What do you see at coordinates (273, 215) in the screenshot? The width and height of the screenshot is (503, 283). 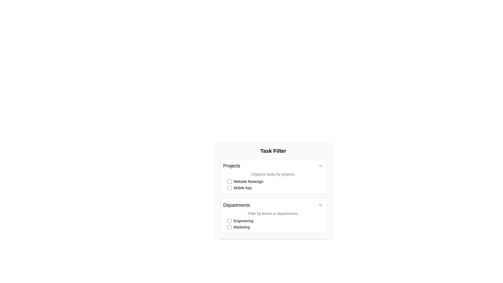 I see `the chevron icon within the Filter panel titled 'Departments' to expand the filtering options` at bounding box center [273, 215].